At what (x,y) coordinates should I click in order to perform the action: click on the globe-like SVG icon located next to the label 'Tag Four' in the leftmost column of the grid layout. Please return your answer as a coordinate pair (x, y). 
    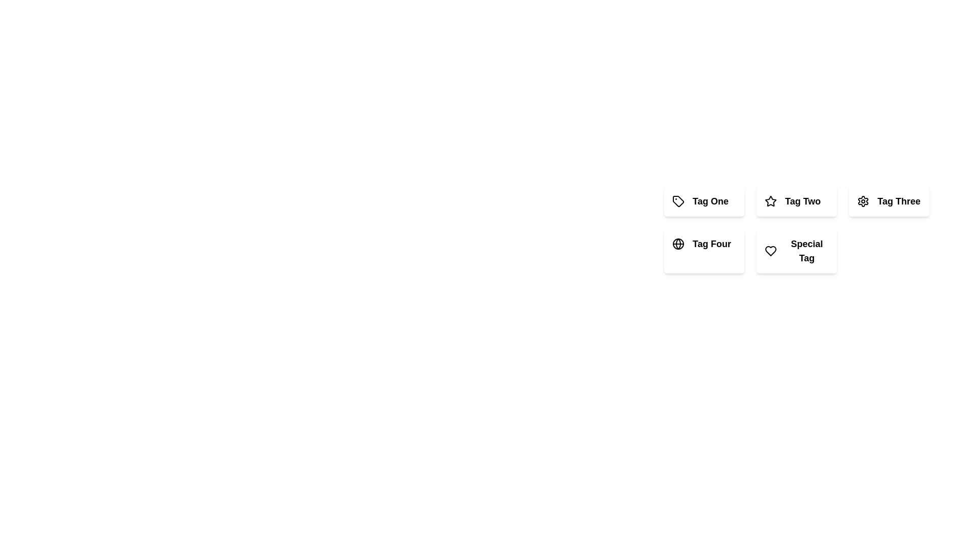
    Looking at the image, I should click on (678, 244).